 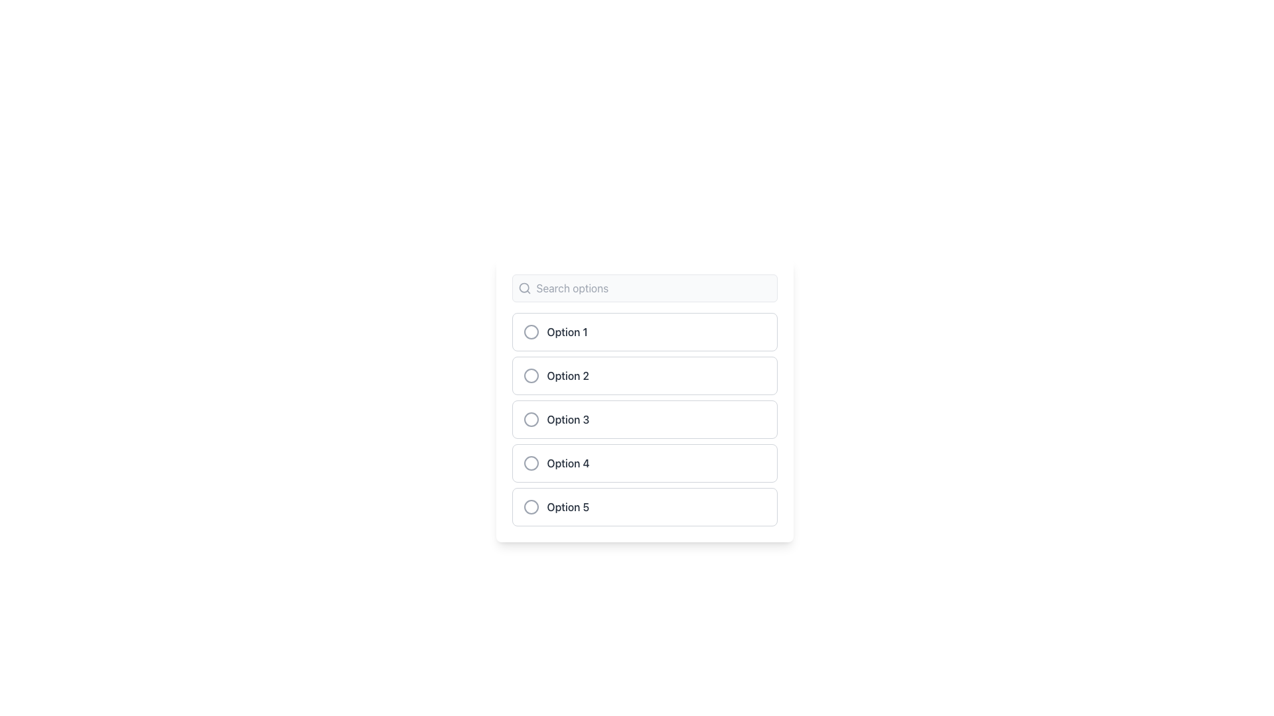 I want to click on the second radio option in a vertically stacked list, which is located centrally between 'Option 1' above and 'Option 3' below, so click(x=644, y=376).